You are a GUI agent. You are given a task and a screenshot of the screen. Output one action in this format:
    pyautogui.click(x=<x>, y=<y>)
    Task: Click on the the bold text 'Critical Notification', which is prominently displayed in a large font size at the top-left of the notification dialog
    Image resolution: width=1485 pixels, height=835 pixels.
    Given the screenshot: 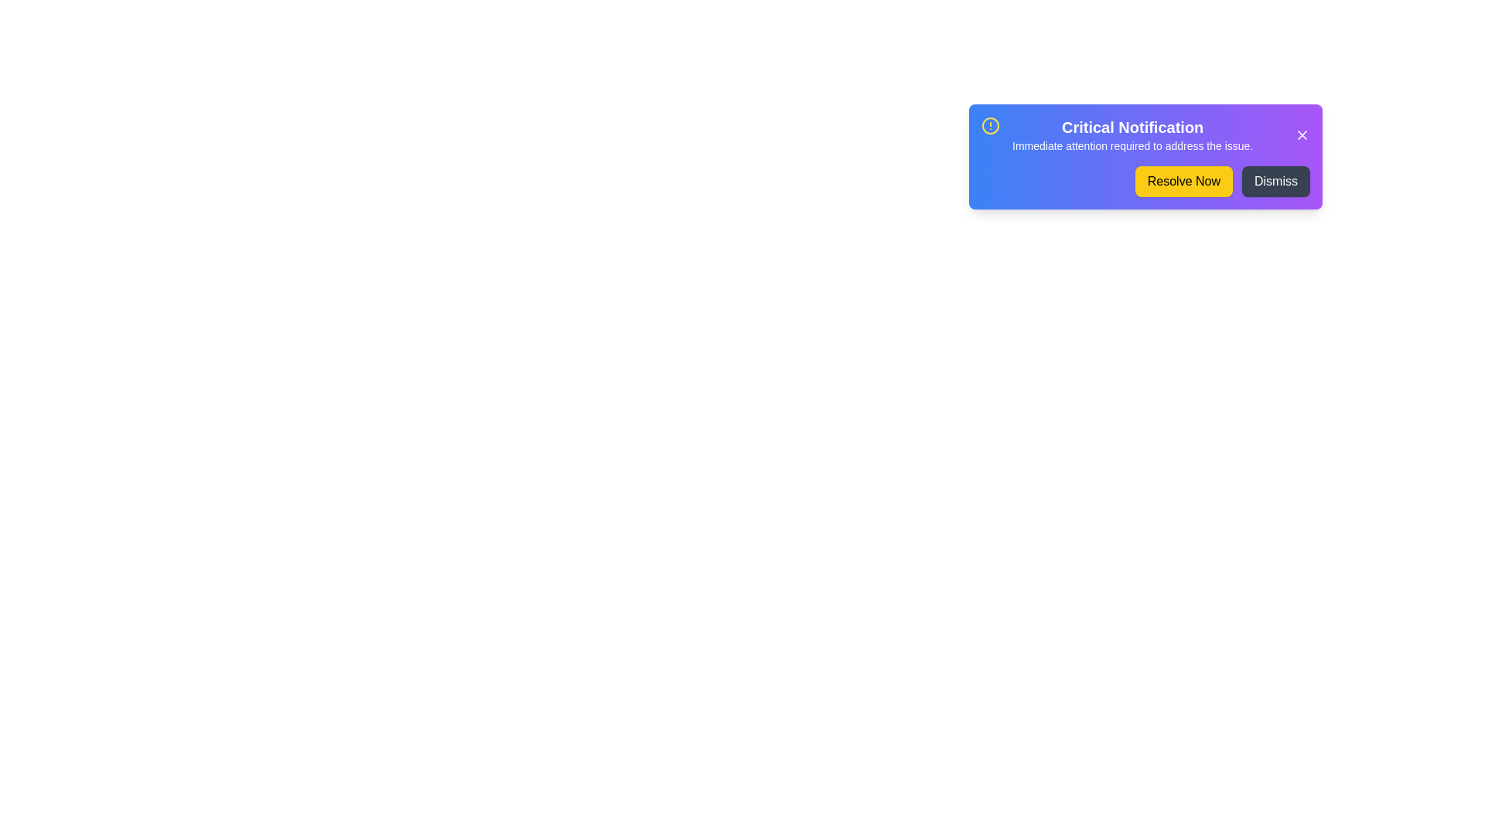 What is the action you would take?
    pyautogui.click(x=1132, y=127)
    